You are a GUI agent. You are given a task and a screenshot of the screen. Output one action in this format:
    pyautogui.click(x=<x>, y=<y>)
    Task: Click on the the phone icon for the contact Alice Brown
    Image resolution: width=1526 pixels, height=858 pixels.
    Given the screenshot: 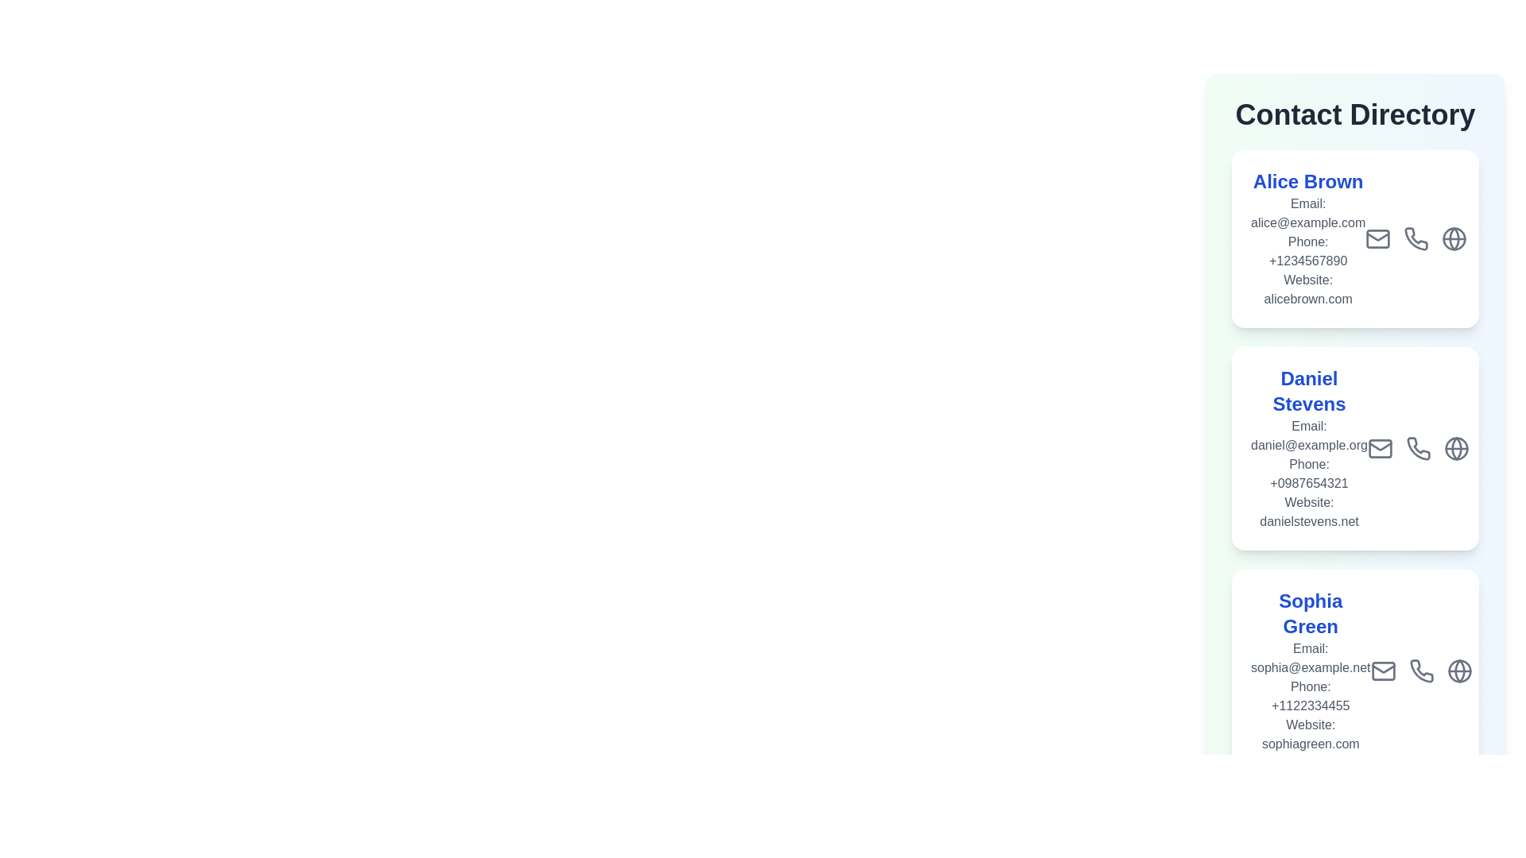 What is the action you would take?
    pyautogui.click(x=1416, y=238)
    